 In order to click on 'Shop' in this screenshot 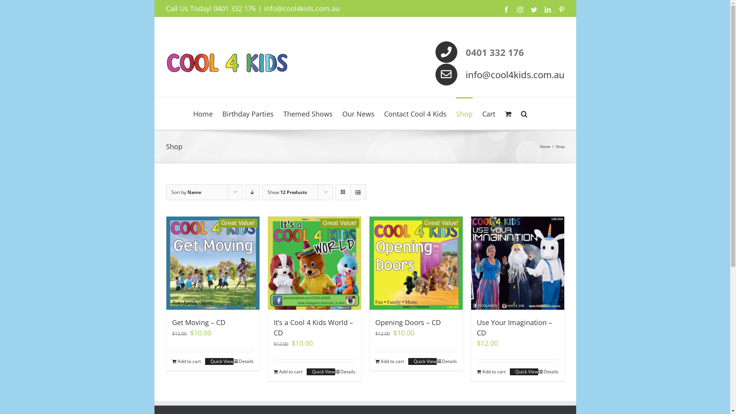, I will do `click(464, 113)`.